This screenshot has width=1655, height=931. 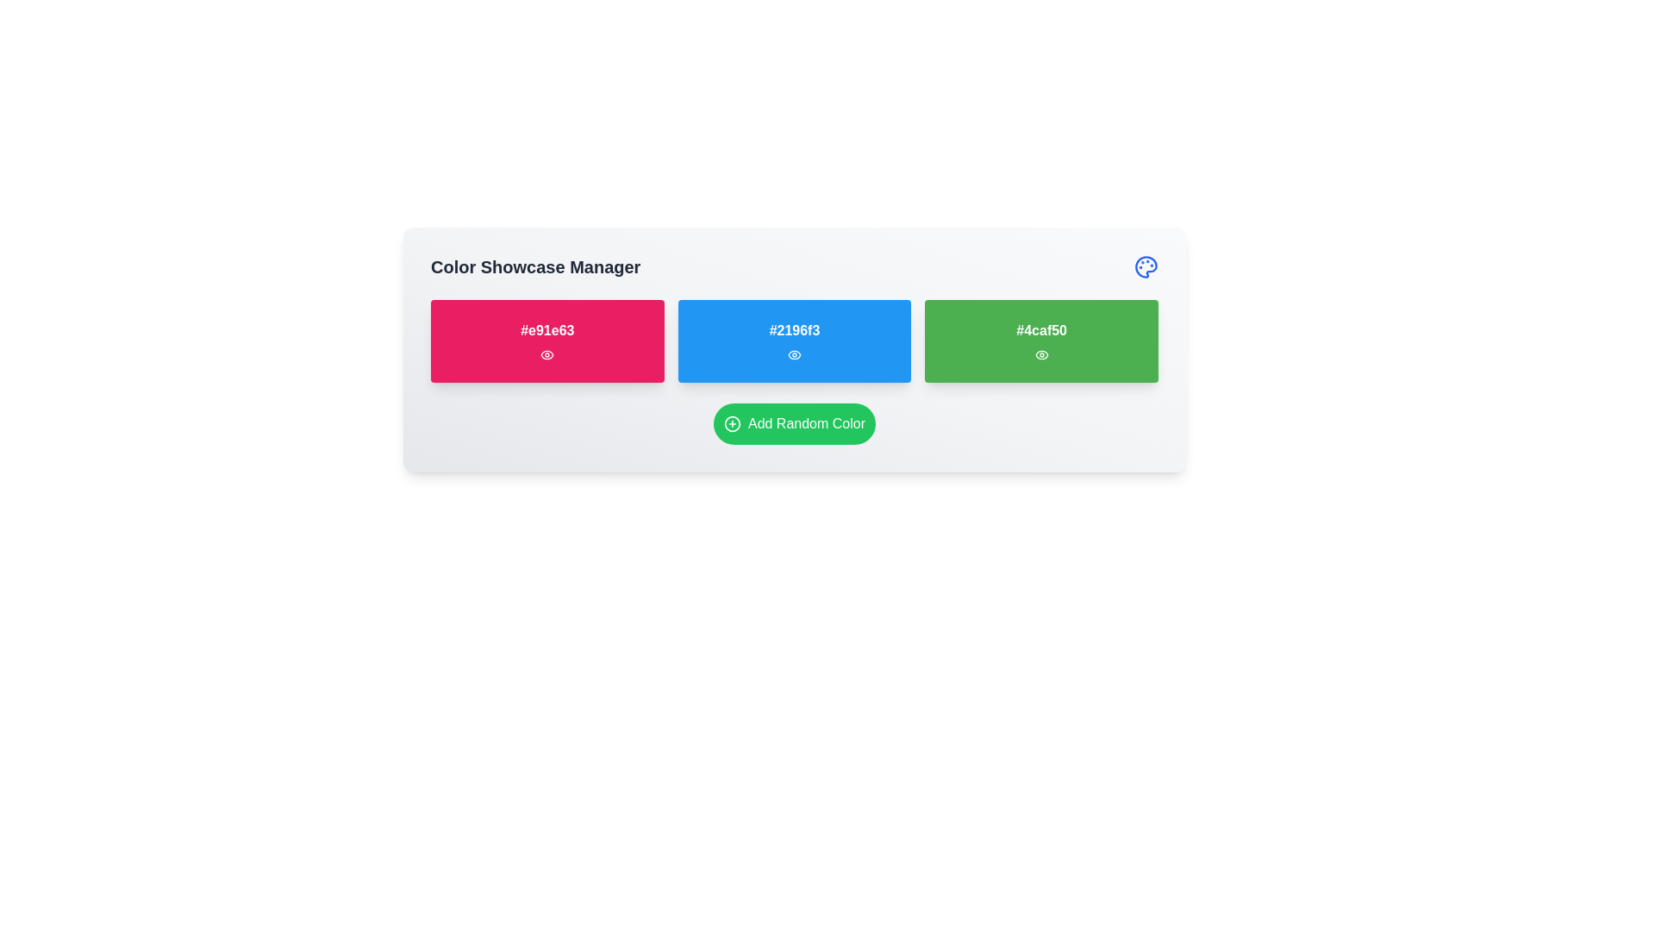 I want to click on the visibility toggle icon represented by an eye within the first card (pink, labeled '#e91e63') below the 'Color Showcase Manager' title, so click(x=546, y=354).